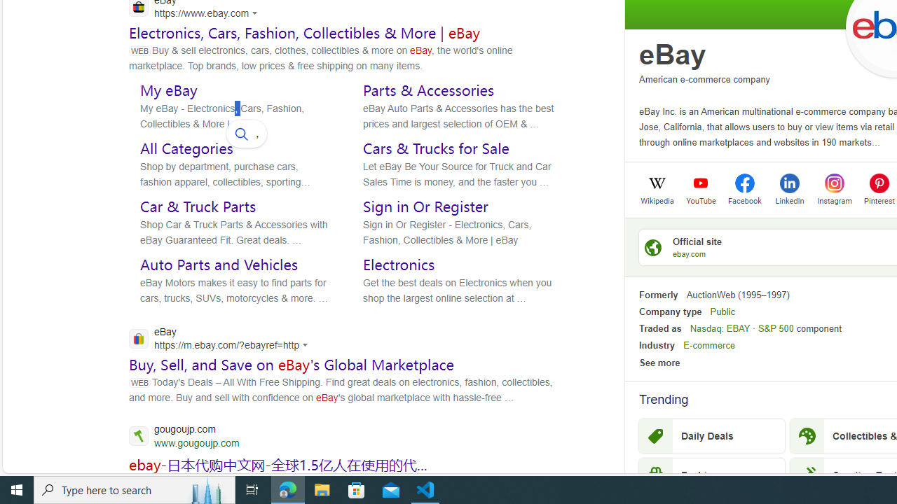  Describe the element at coordinates (701, 199) in the screenshot. I see `'YouTube'` at that location.